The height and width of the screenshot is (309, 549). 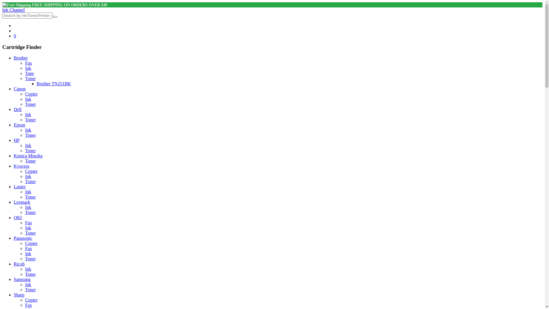 What do you see at coordinates (21, 166) in the screenshot?
I see `'Kyocera'` at bounding box center [21, 166].